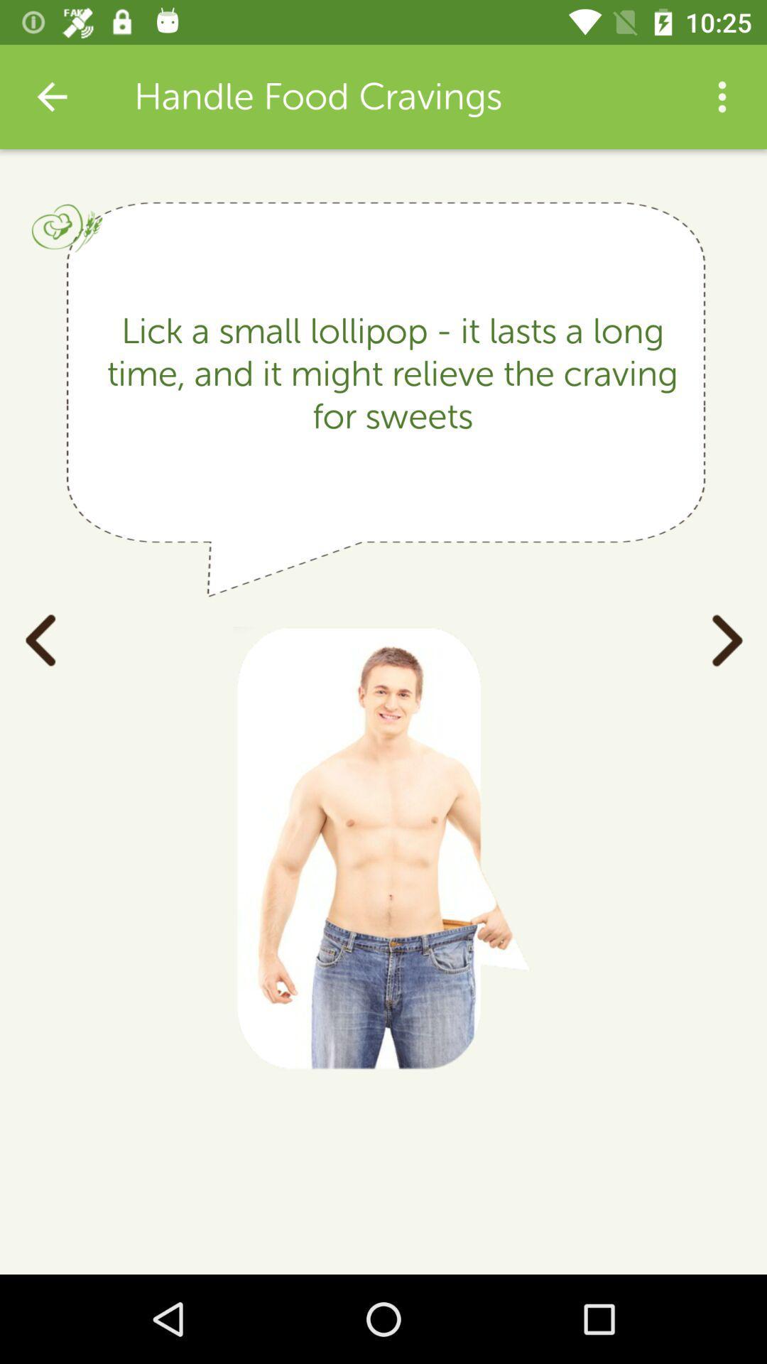  What do you see at coordinates (51, 96) in the screenshot?
I see `item above the lick a small icon` at bounding box center [51, 96].